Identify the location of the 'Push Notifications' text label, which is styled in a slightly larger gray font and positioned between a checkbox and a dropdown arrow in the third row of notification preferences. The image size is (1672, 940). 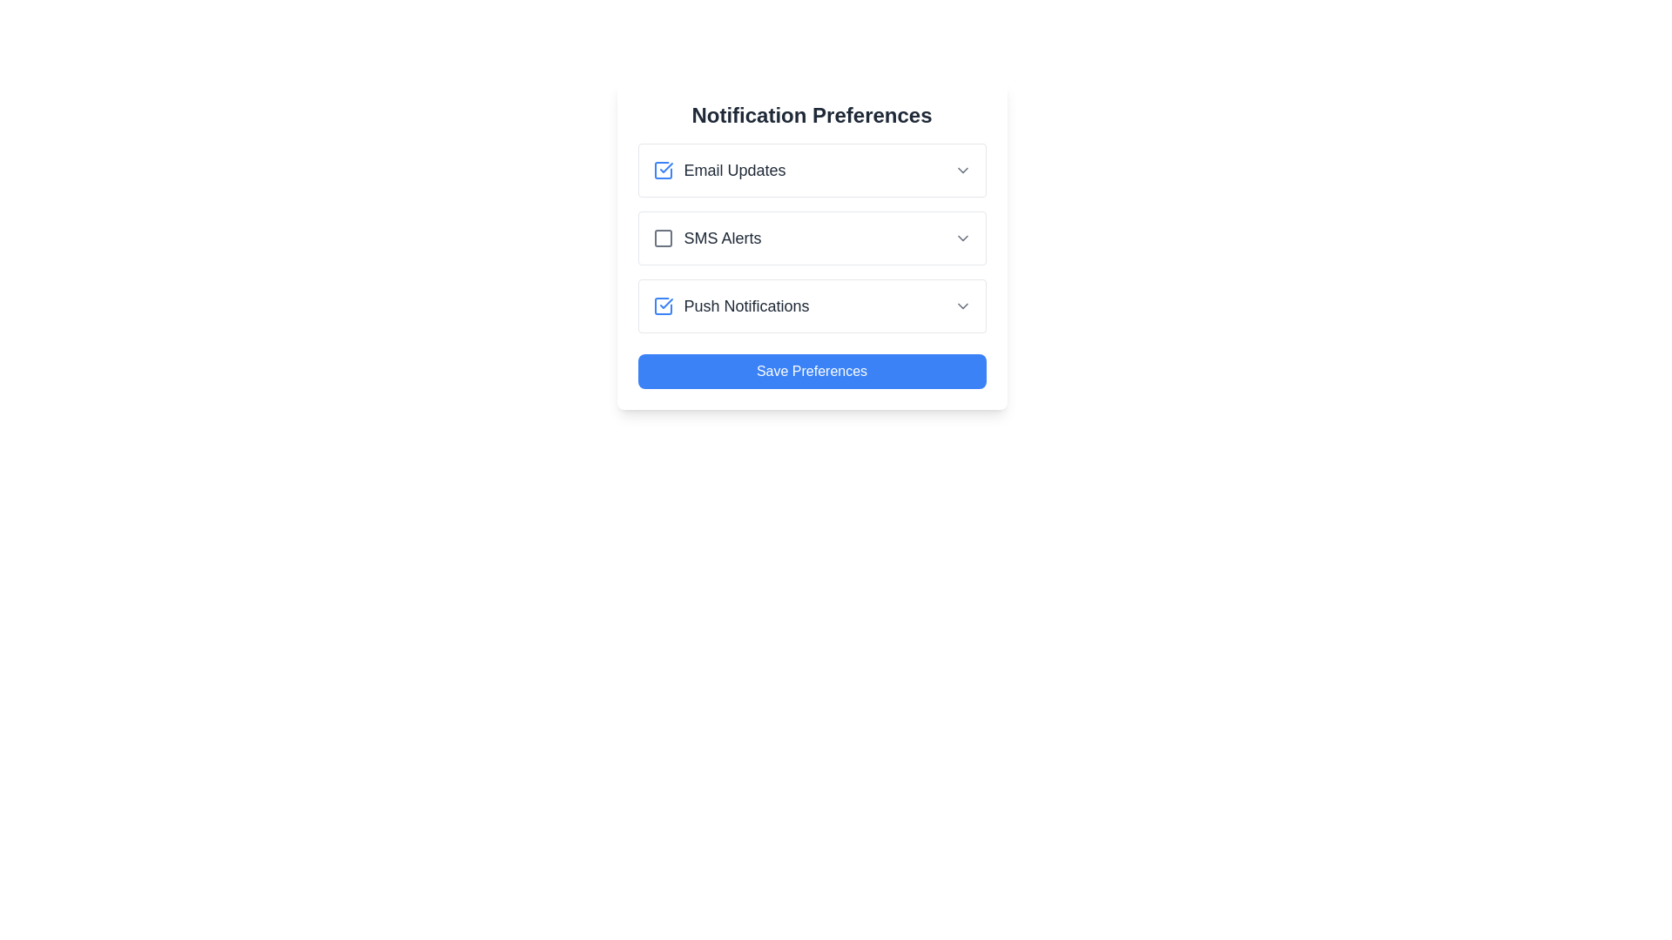
(746, 305).